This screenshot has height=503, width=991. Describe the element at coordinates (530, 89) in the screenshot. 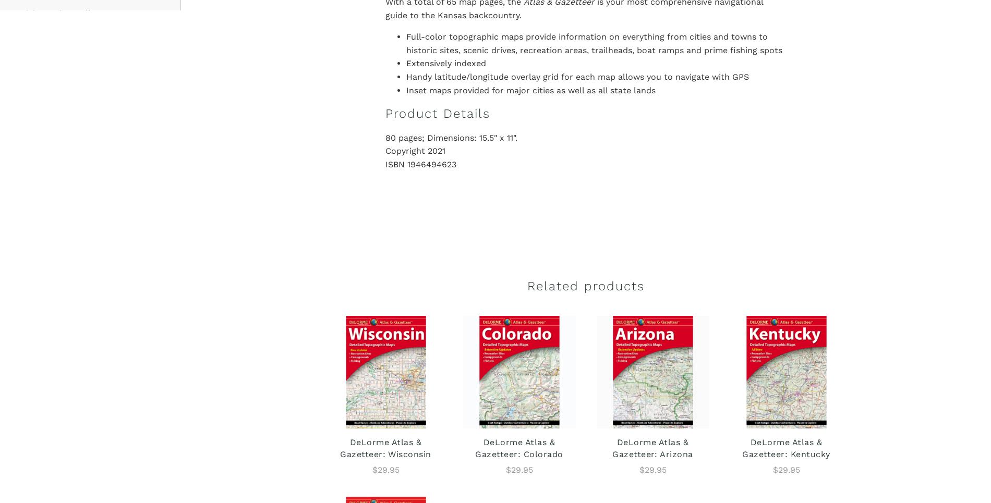

I see `'Inset maps provided for major cities as well as all state lands'` at that location.